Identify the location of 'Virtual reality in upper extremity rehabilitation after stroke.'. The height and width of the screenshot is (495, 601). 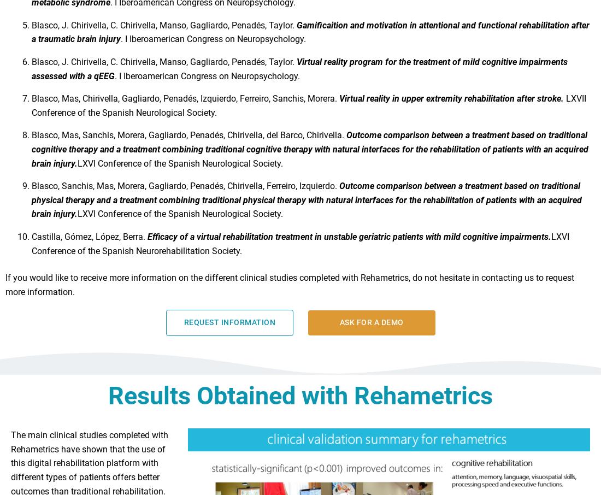
(452, 103).